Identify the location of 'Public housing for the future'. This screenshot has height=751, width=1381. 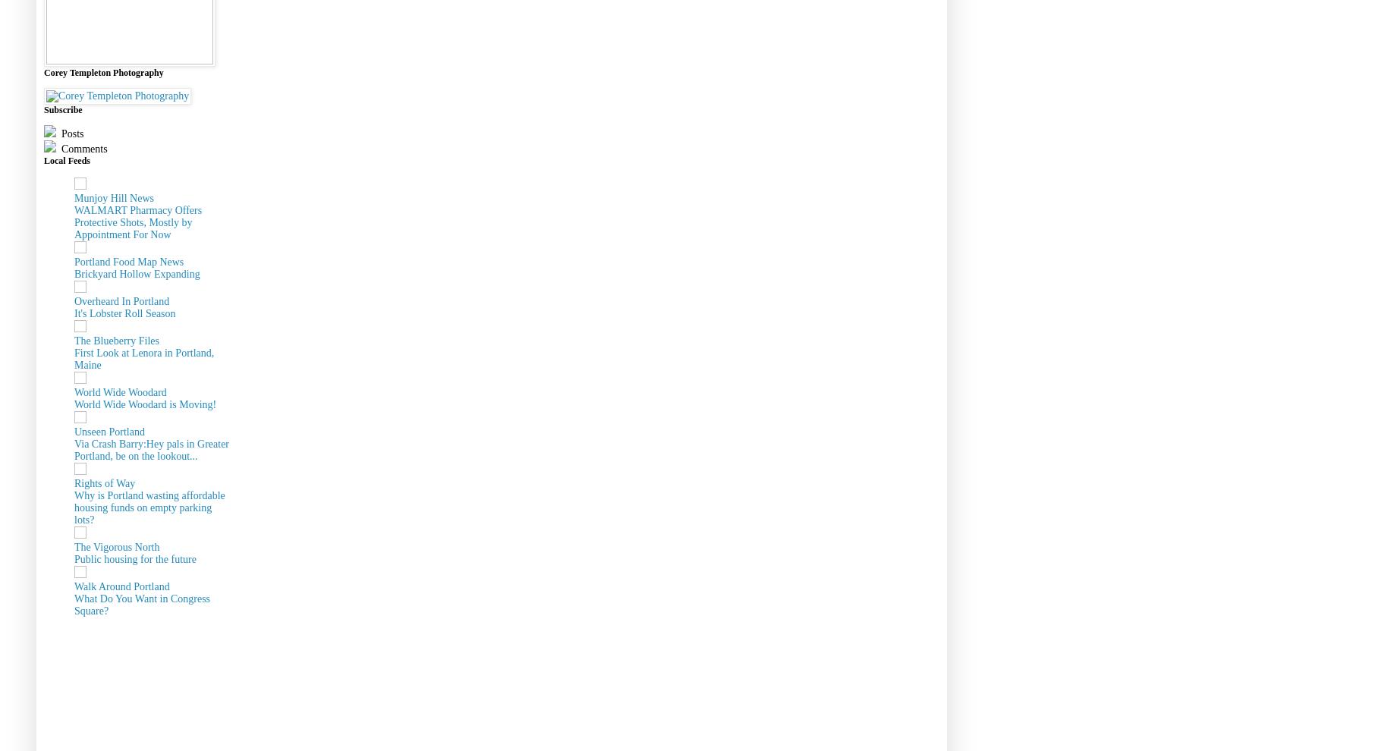
(134, 558).